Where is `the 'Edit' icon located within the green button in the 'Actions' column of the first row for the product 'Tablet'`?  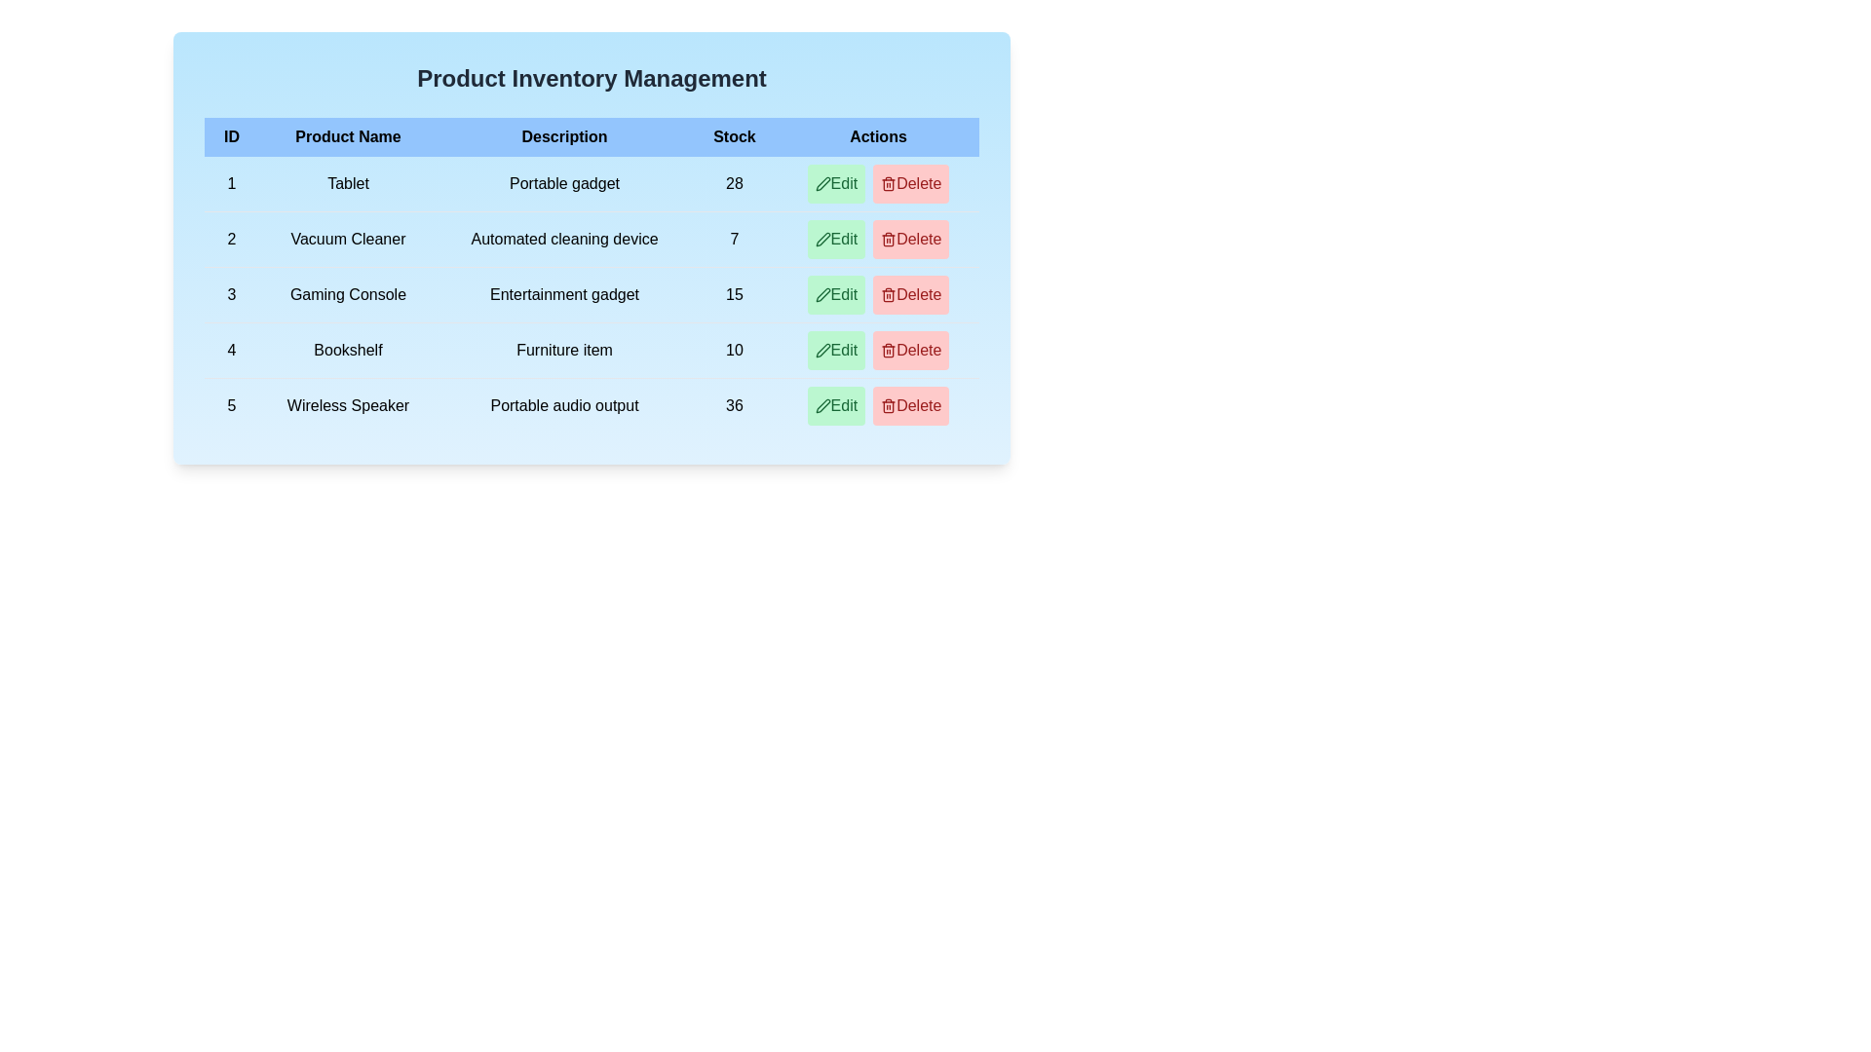 the 'Edit' icon located within the green button in the 'Actions' column of the first row for the product 'Tablet' is located at coordinates (822, 184).